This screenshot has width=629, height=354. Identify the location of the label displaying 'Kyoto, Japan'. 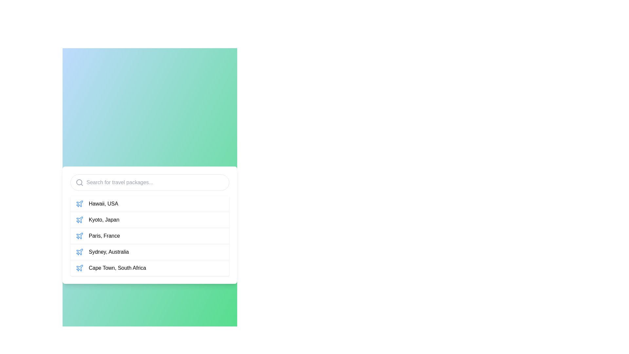
(104, 220).